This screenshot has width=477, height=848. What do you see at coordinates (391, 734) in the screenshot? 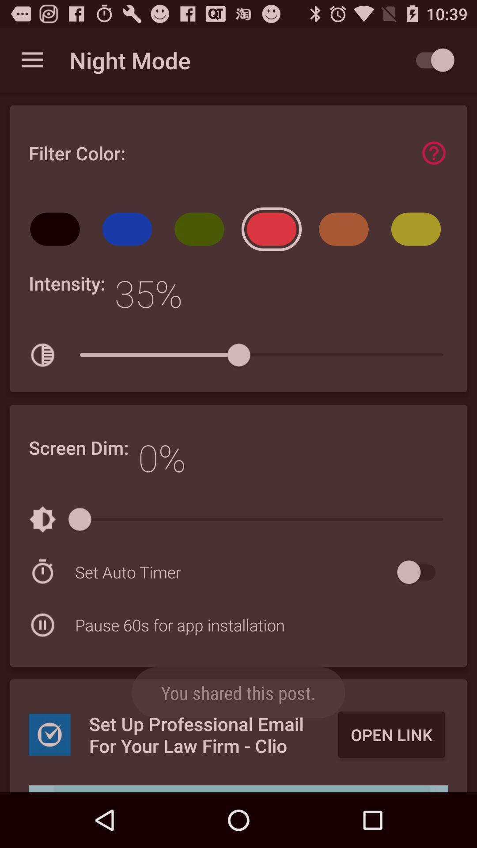
I see `open link at bottom right corner` at bounding box center [391, 734].